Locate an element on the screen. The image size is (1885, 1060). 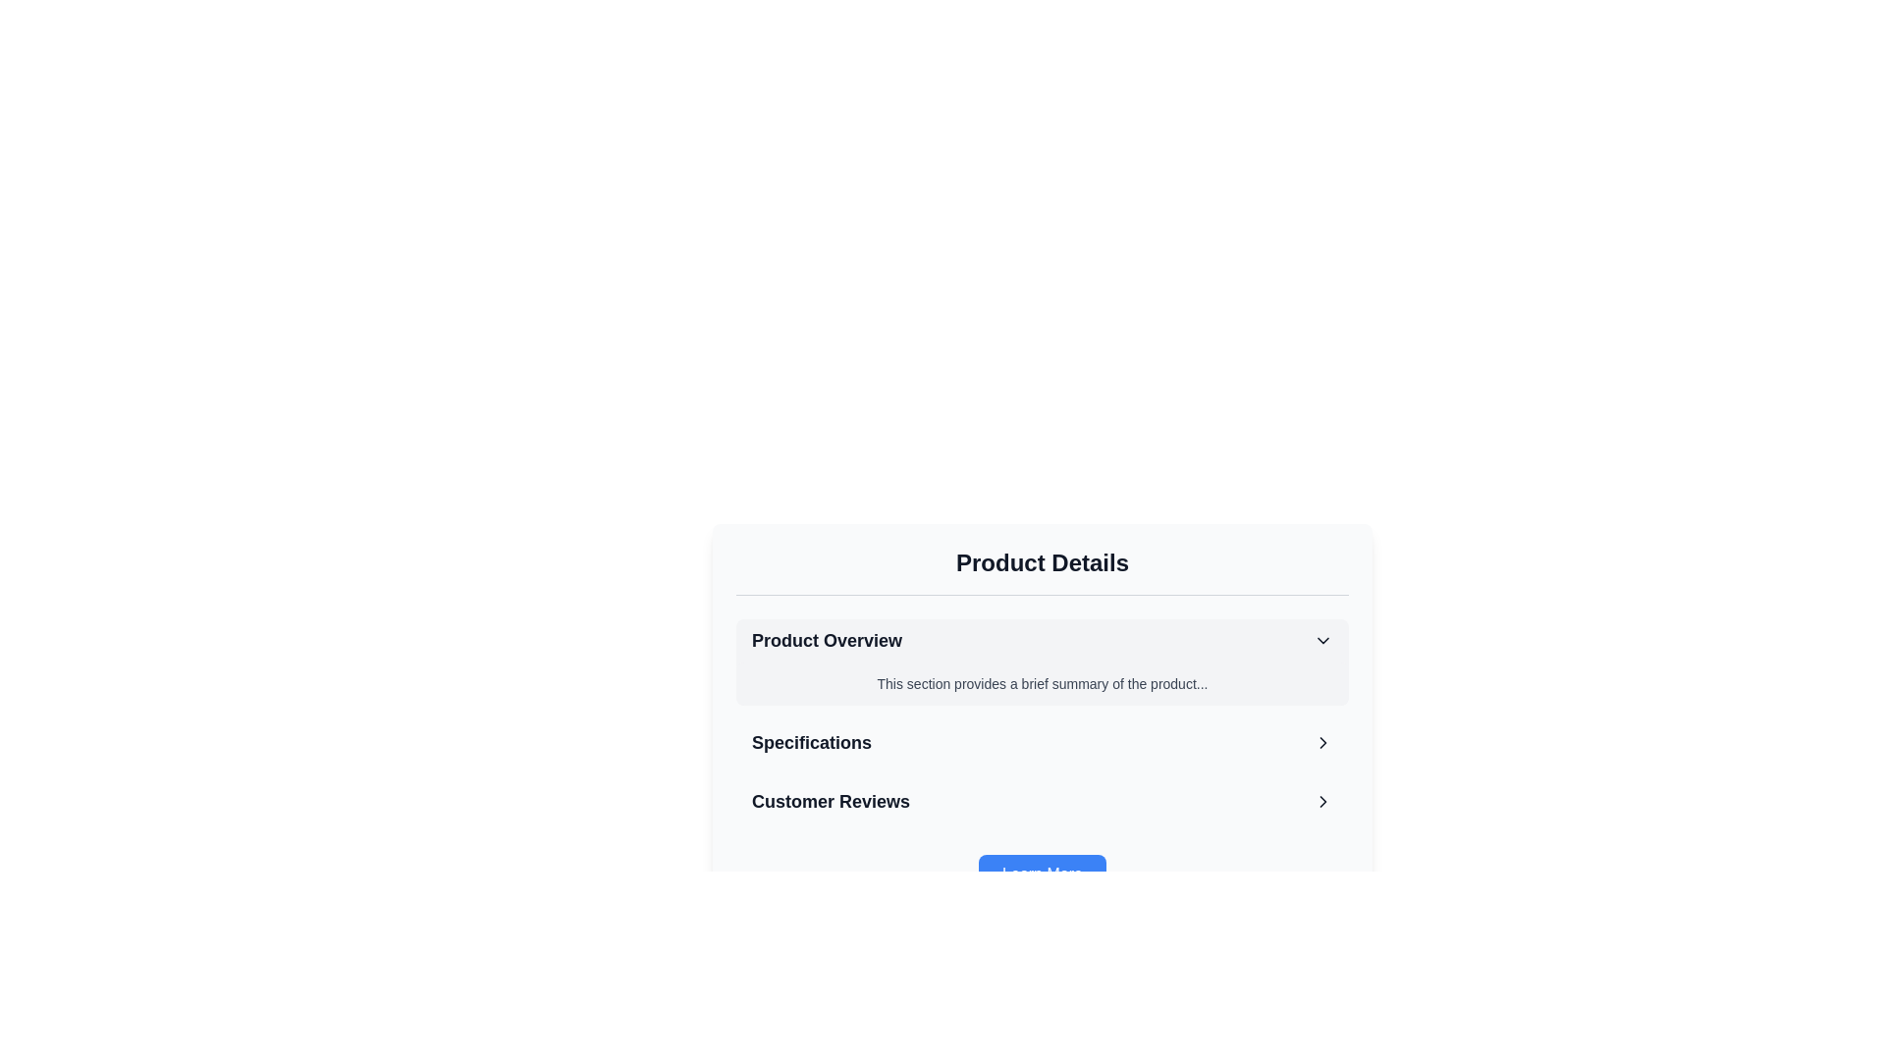
the chevron icon that indicates the expandable 'Product Overview' section located on the far right of the list item is located at coordinates (1323, 640).